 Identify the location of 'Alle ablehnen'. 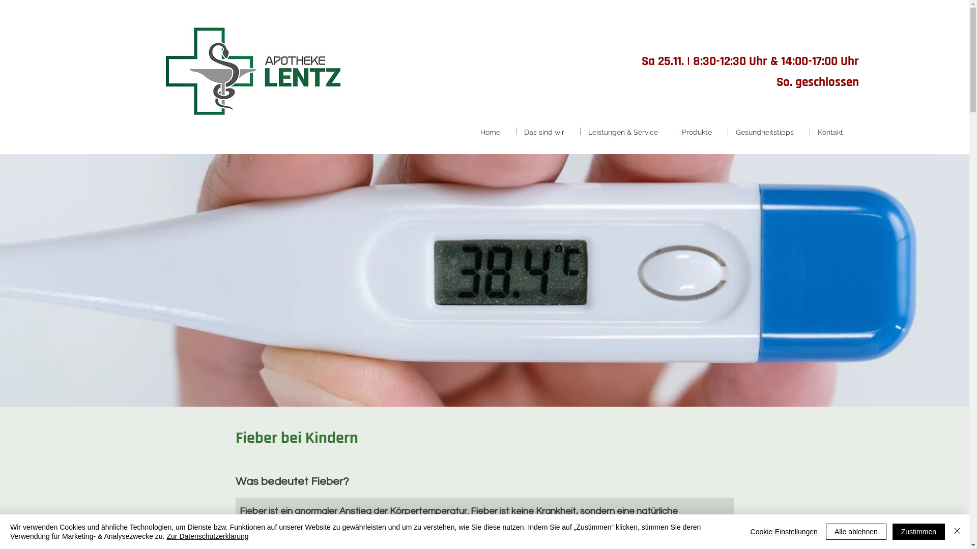
(855, 531).